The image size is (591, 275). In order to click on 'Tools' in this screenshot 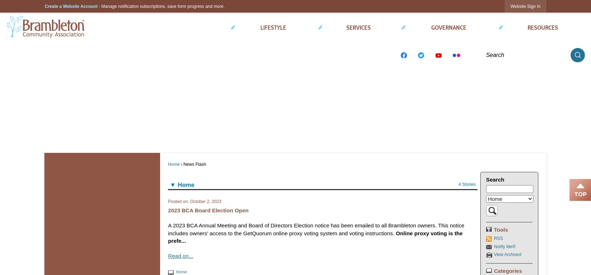, I will do `click(500, 229)`.